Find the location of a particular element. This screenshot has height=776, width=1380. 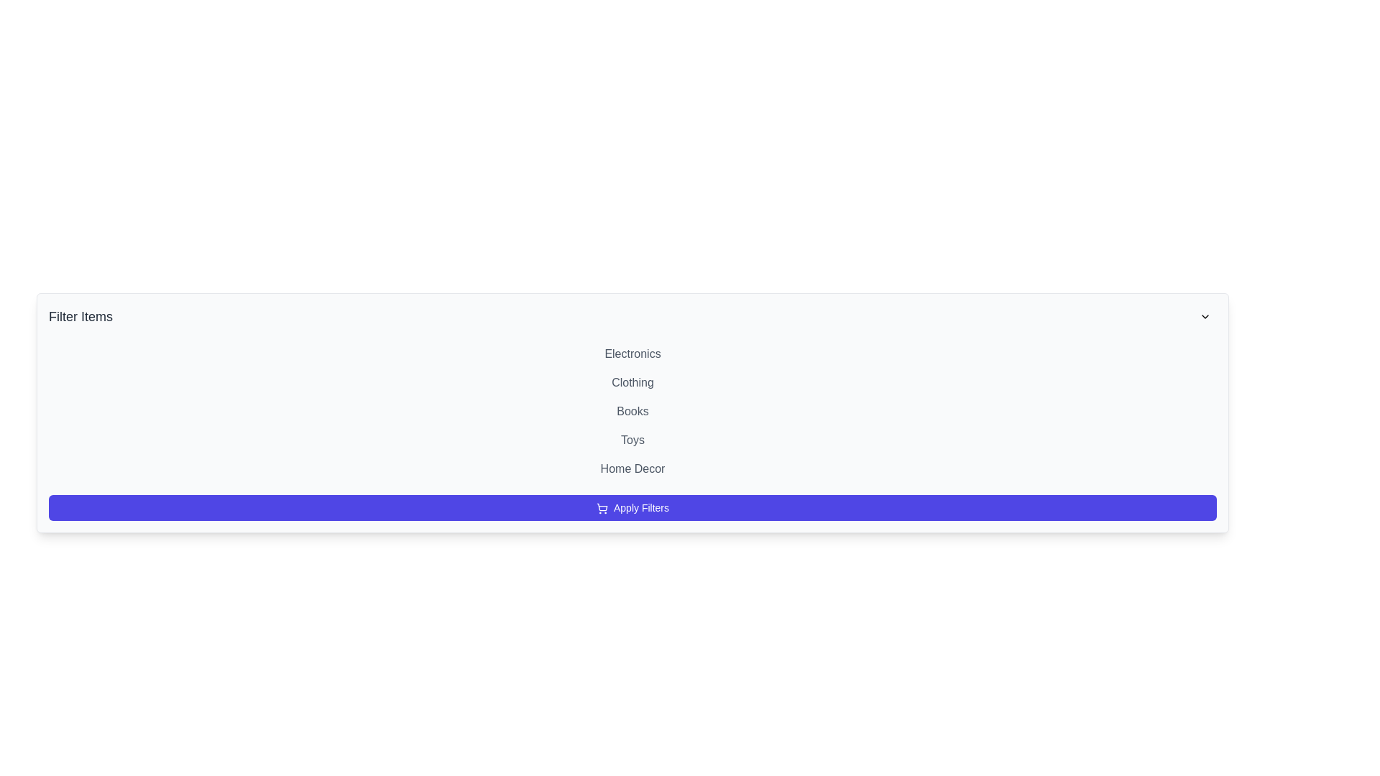

the circular button with a chevron-down icon located to the far right of the 'Filter Items' section to change its background color is located at coordinates (1205, 315).